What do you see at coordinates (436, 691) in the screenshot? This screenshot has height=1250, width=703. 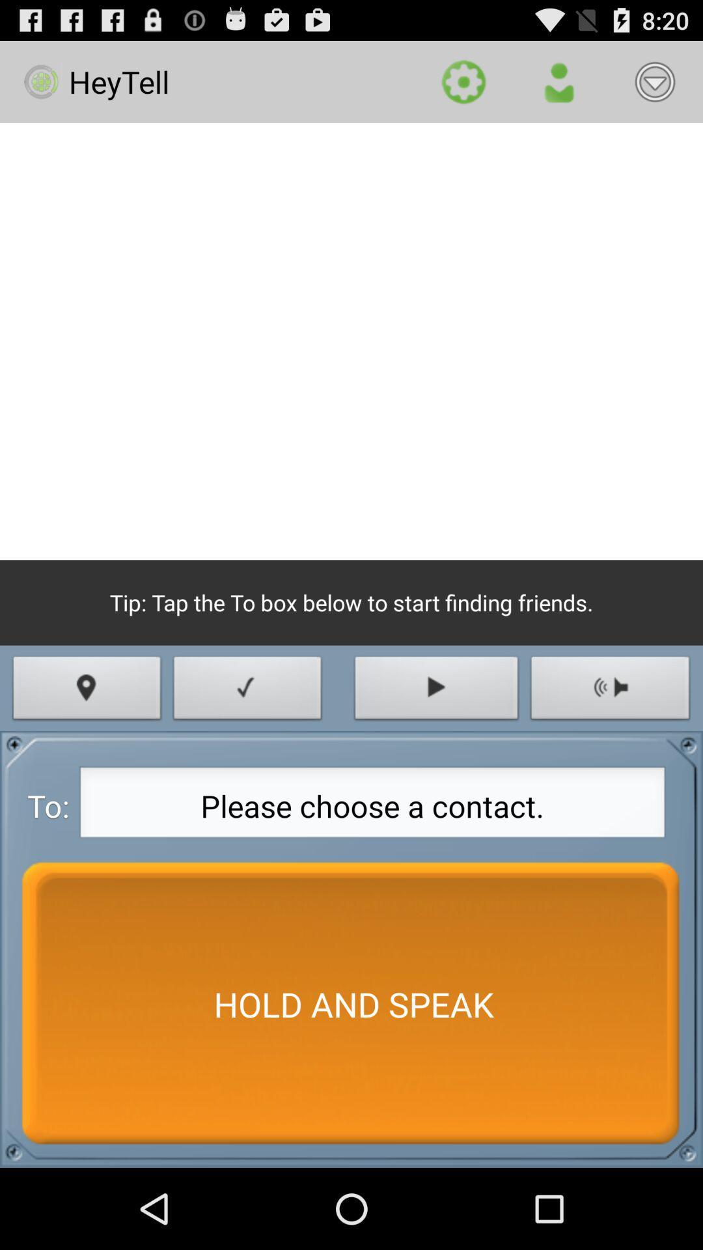 I see `item above please choose a app` at bounding box center [436, 691].